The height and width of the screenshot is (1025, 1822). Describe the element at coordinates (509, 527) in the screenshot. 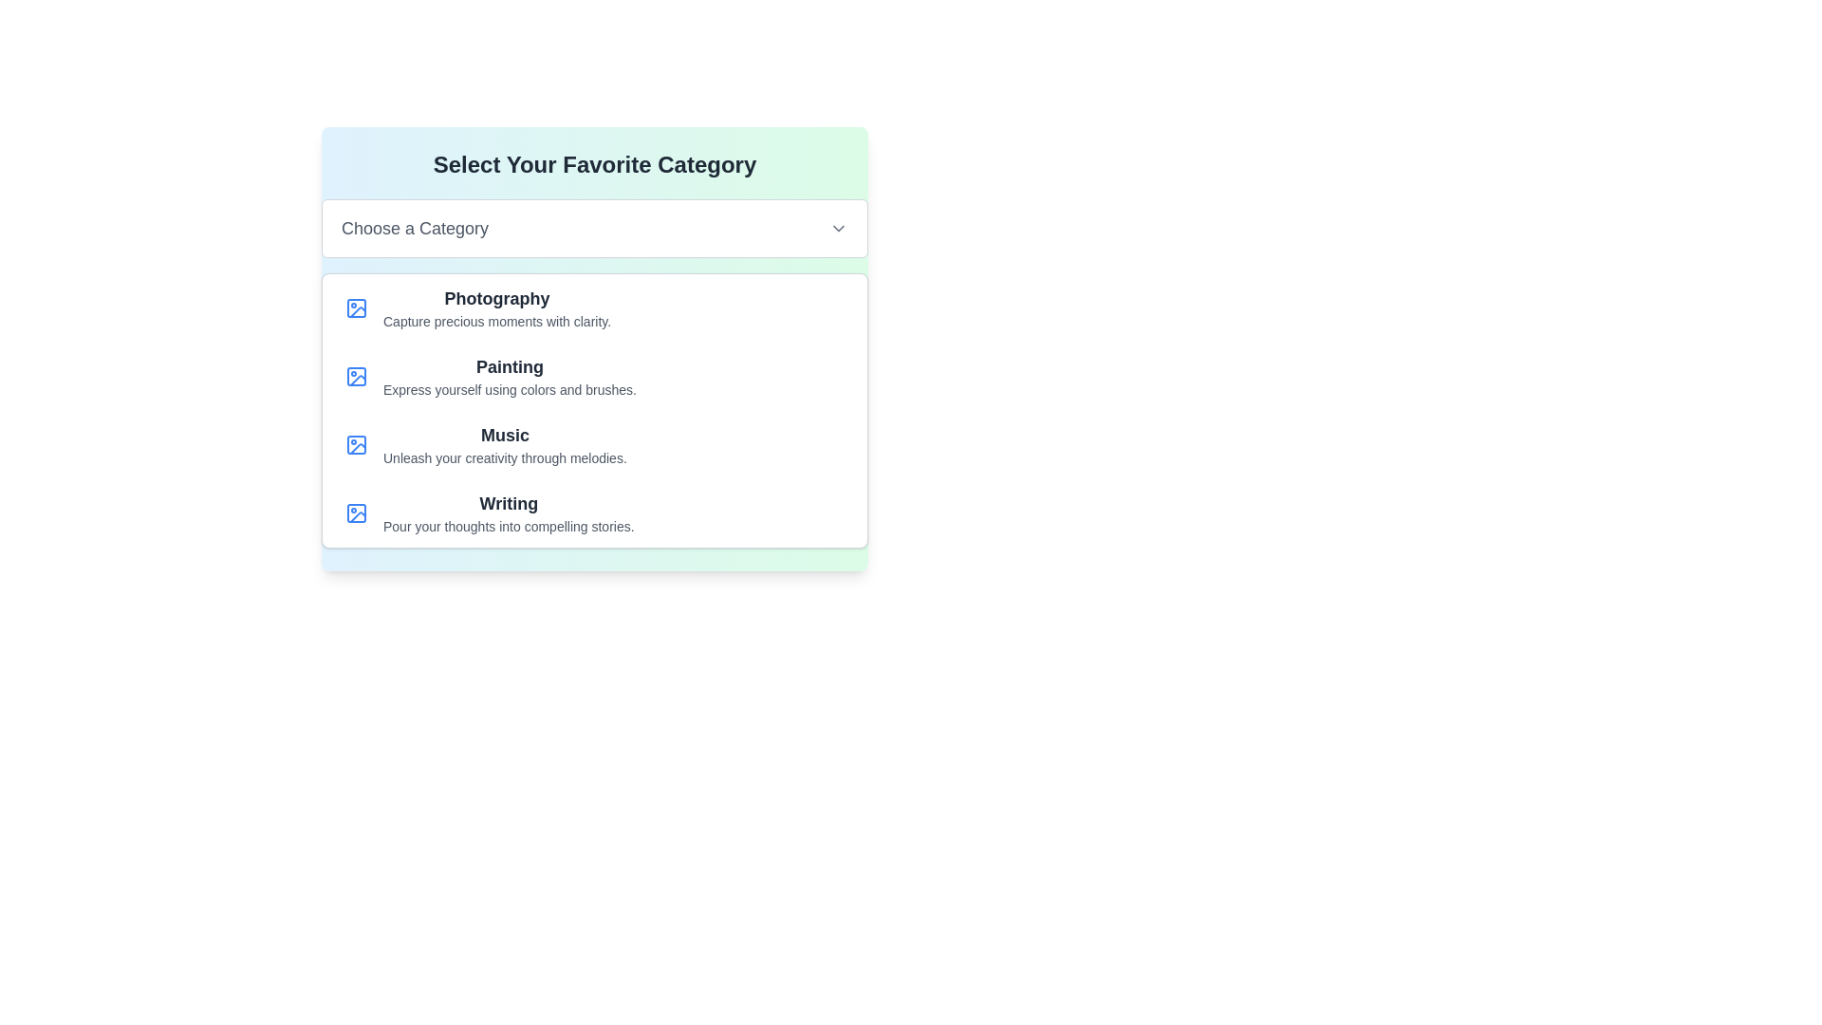

I see `the static text that says 'Pour your thoughts into compelling stories.', which is styled in a smaller gray font and positioned directly beneath the 'Writing' header` at that location.